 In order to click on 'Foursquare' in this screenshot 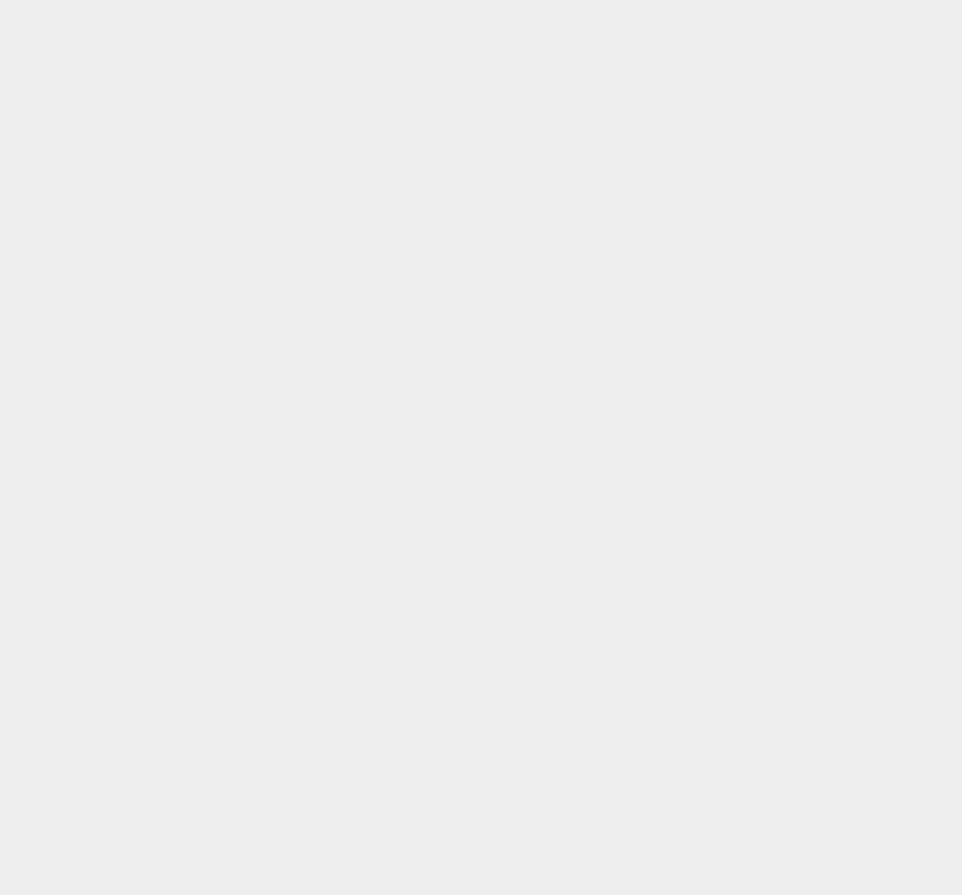, I will do `click(709, 322)`.